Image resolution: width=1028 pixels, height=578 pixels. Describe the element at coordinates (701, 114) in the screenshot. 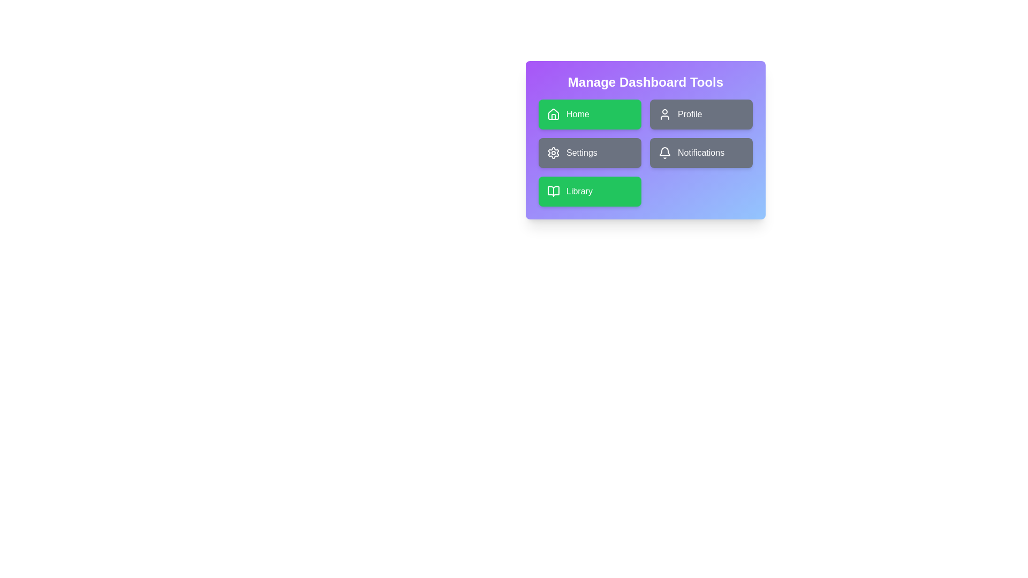

I see `the chip labeled Profile to toggle its selection state` at that location.